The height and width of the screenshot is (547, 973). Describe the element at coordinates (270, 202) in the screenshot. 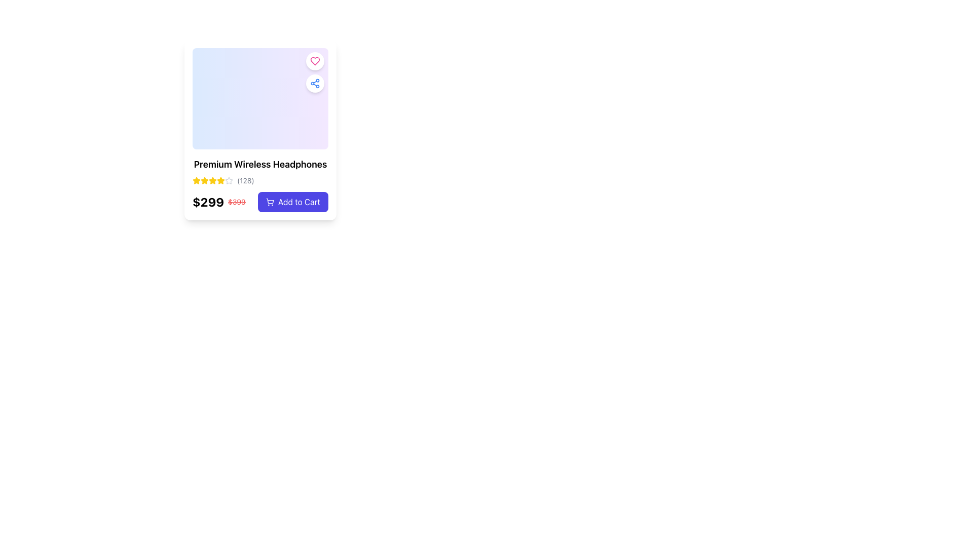

I see `the shopping cart icon within the 'Add to Cart' button located at the bottom-right corner of the product card` at that location.